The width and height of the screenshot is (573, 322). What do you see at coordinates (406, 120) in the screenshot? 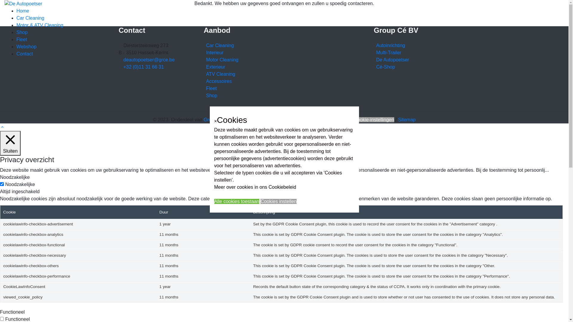
I see `'Sitemap'` at bounding box center [406, 120].